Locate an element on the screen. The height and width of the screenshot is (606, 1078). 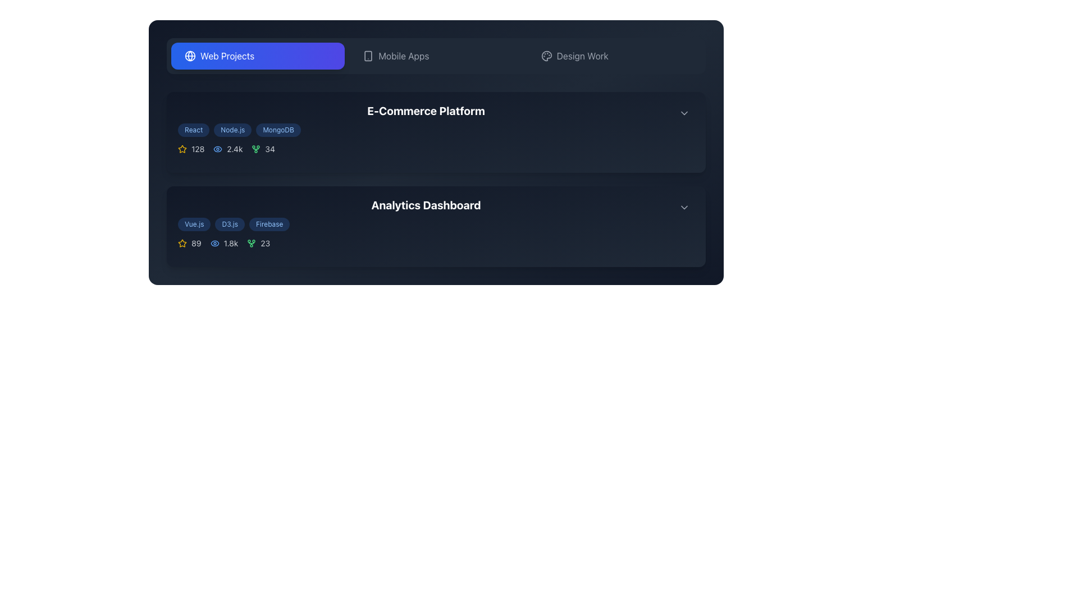
the second textual indicator displaying the numerical count for the 'E-Commerce Platform' section, which is non-interactive and located between a yellow star-text combo and a green branching icon-text pair is located at coordinates (227, 149).